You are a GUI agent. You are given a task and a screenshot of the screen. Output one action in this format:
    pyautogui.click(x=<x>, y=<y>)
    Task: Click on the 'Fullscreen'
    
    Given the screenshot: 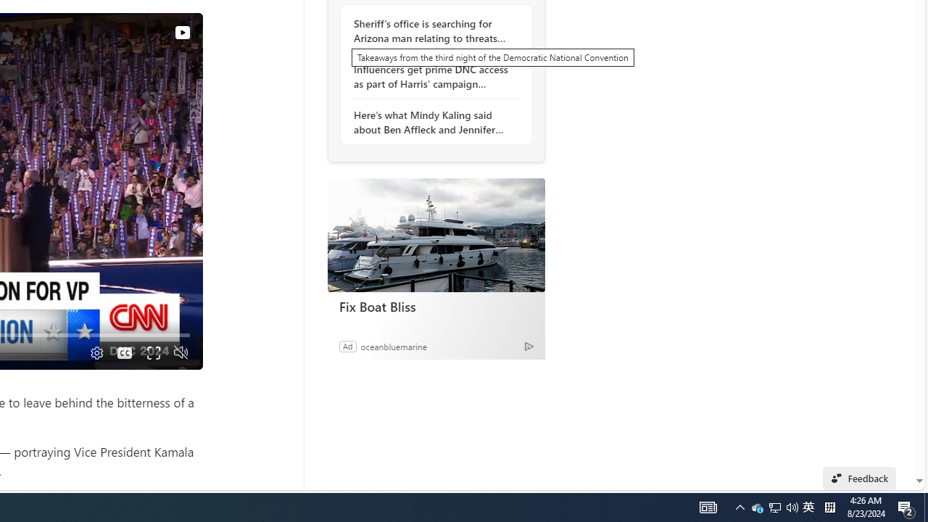 What is the action you would take?
    pyautogui.click(x=153, y=352)
    